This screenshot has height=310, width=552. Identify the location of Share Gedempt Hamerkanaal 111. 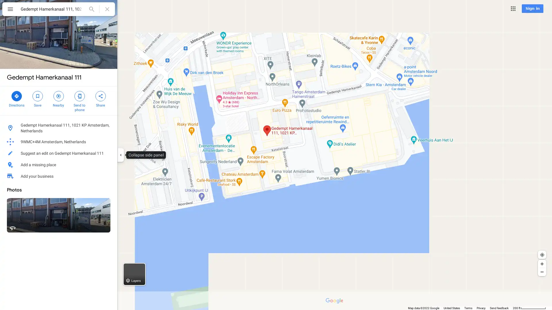
(100, 98).